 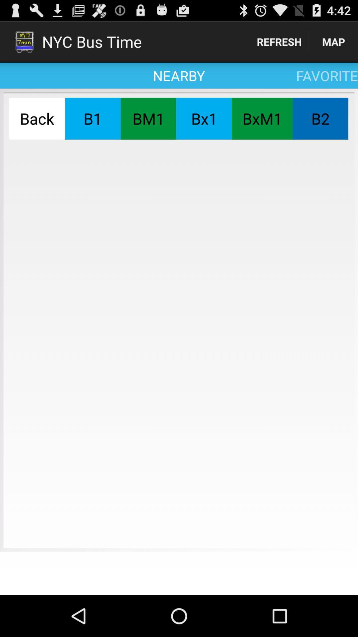 What do you see at coordinates (92, 118) in the screenshot?
I see `button next to bm1 item` at bounding box center [92, 118].